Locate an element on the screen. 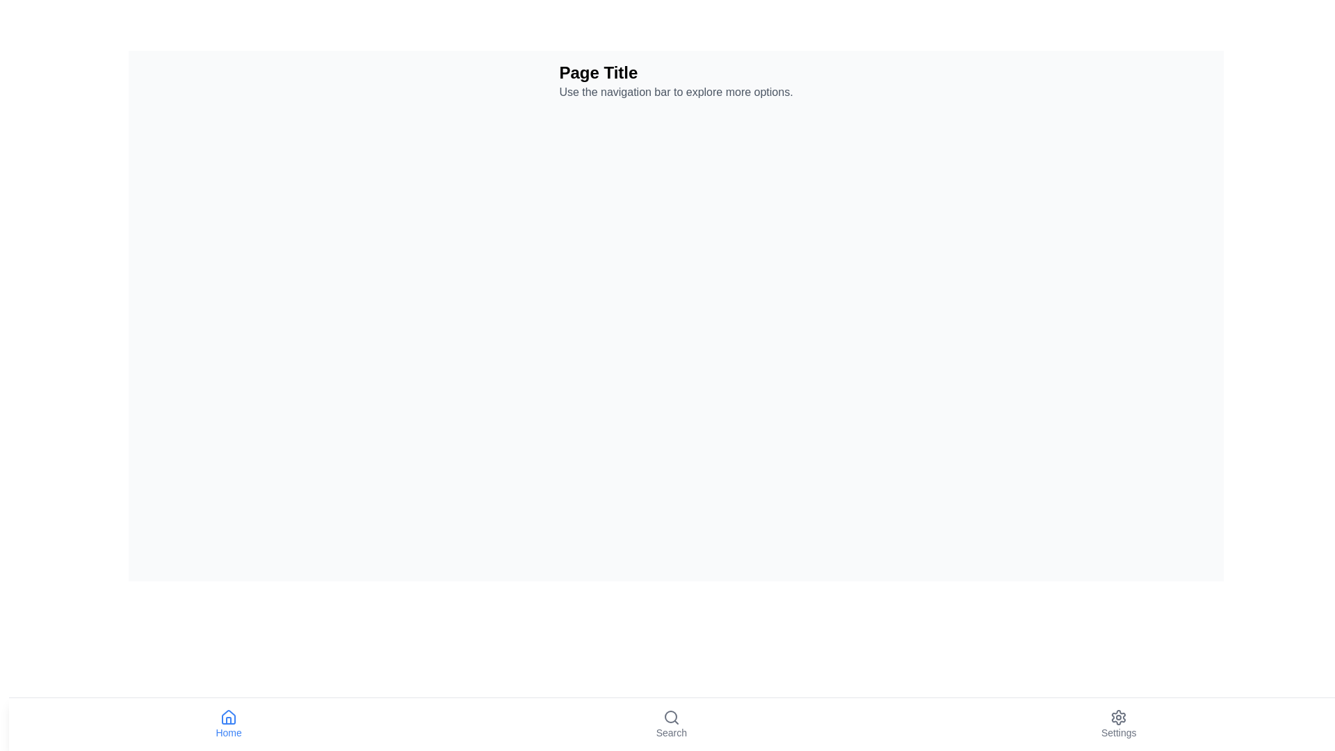 Image resolution: width=1335 pixels, height=751 pixels. the 'Settings' icon located in the bottom navigation bar is located at coordinates (1119, 718).